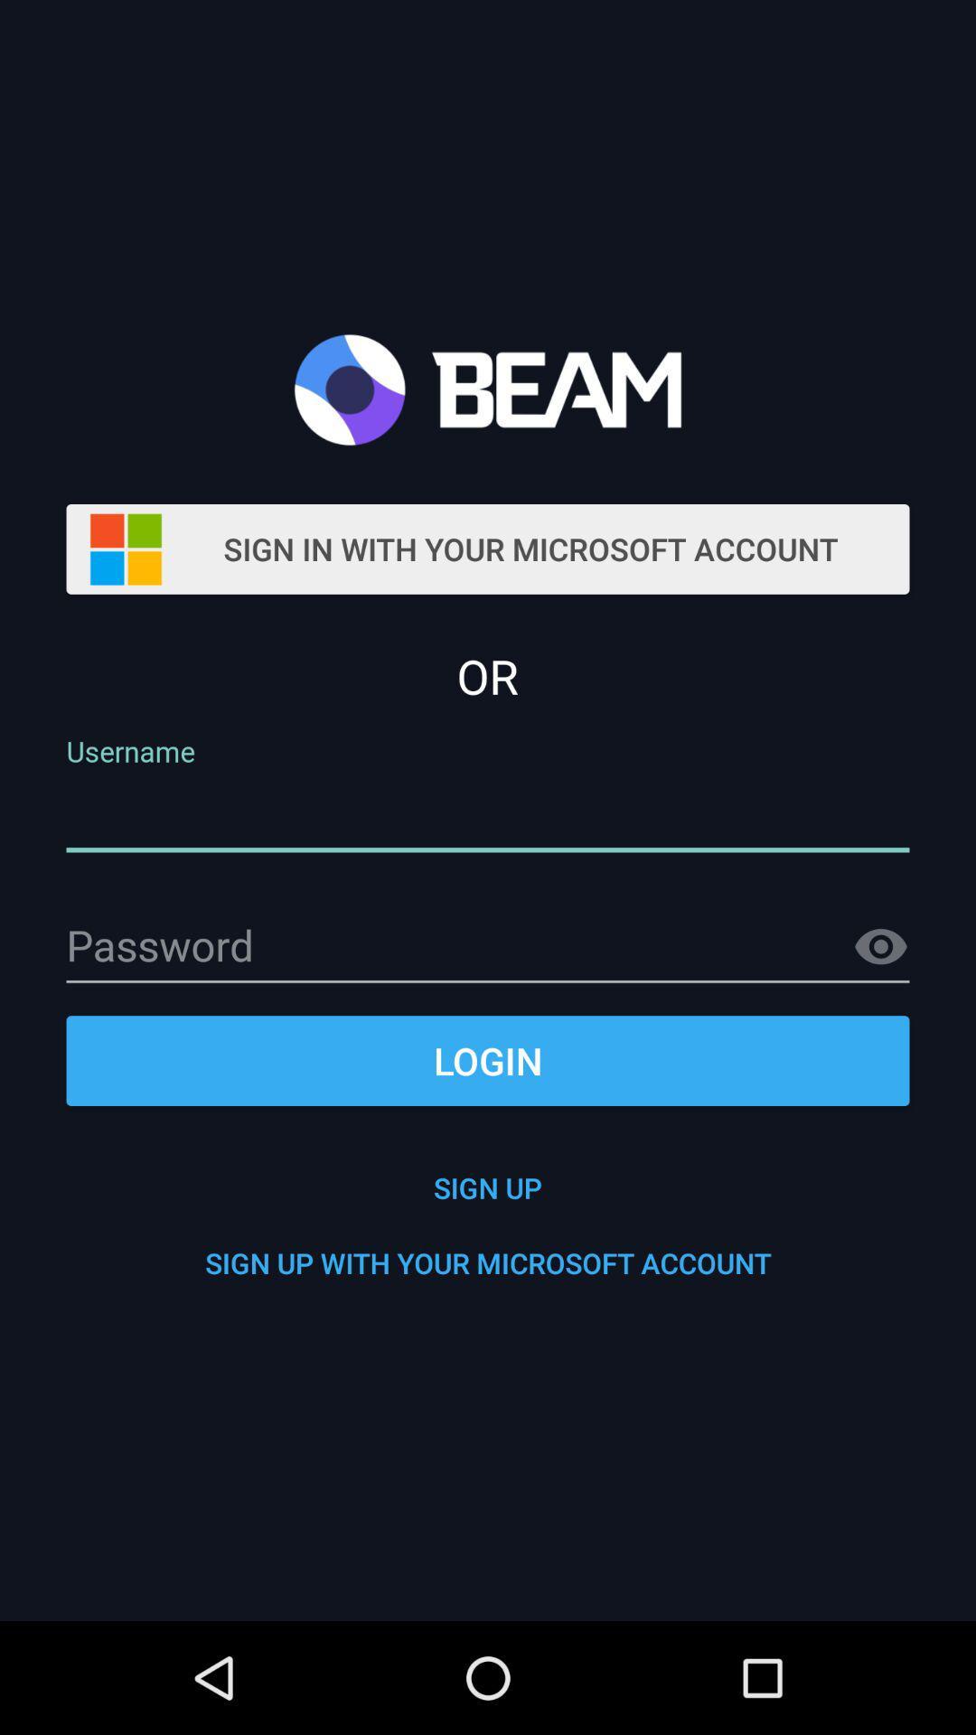  I want to click on item above login item, so click(880, 946).